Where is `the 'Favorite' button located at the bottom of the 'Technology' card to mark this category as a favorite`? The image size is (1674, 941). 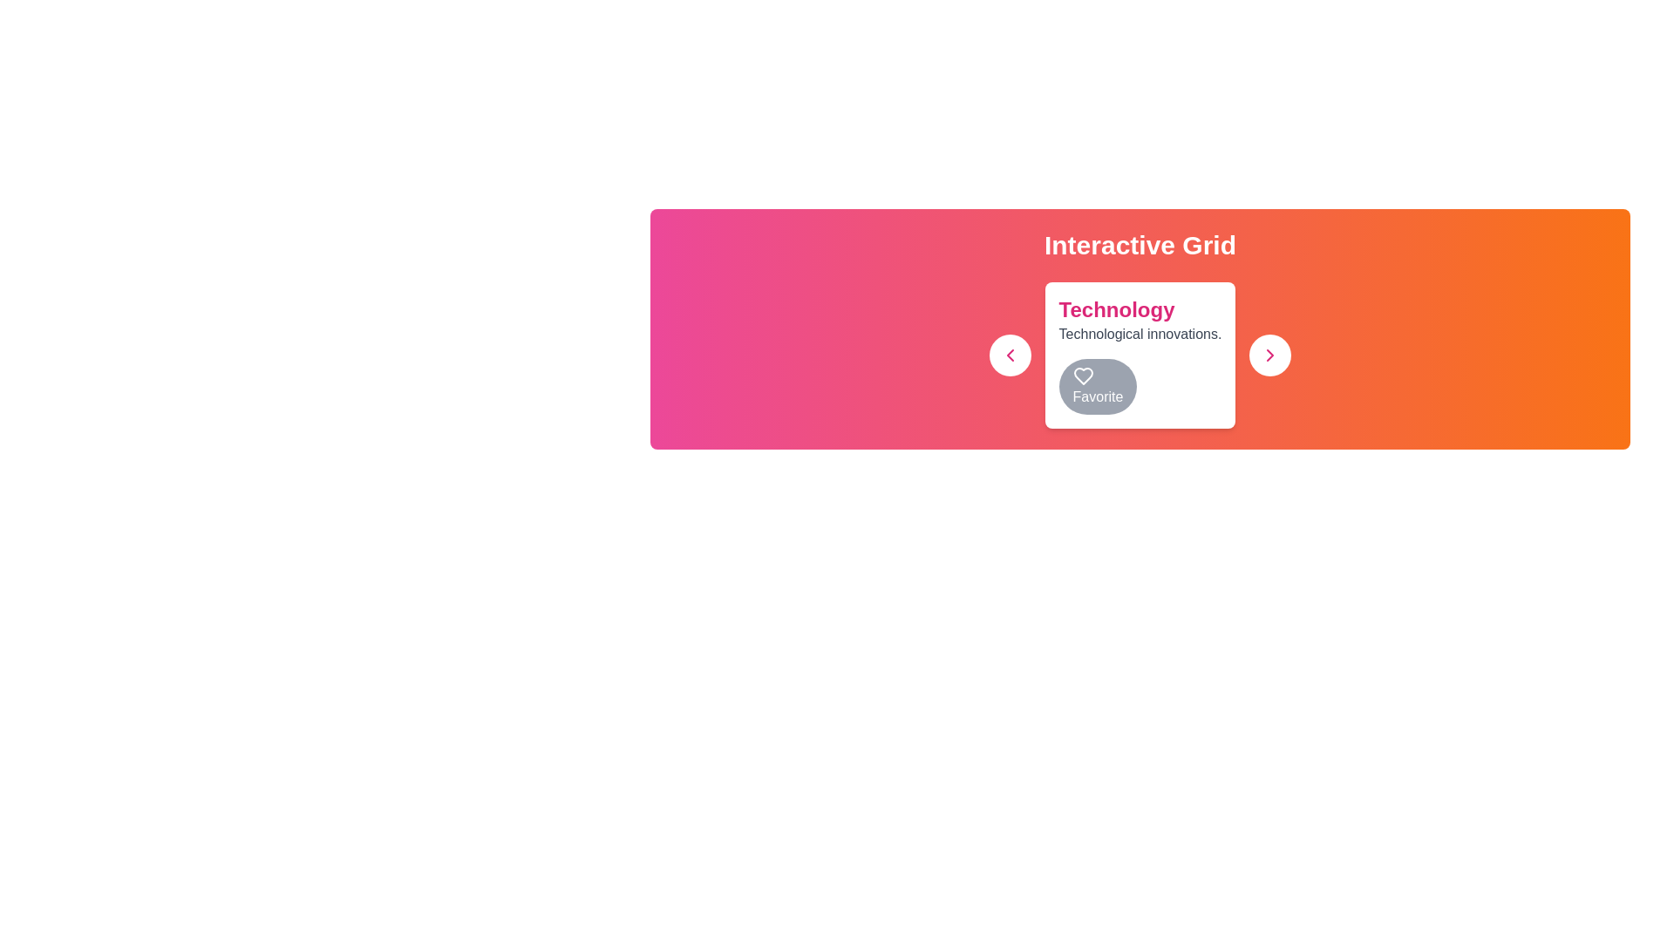 the 'Favorite' button located at the bottom of the 'Technology' card to mark this category as a favorite is located at coordinates (1140, 355).